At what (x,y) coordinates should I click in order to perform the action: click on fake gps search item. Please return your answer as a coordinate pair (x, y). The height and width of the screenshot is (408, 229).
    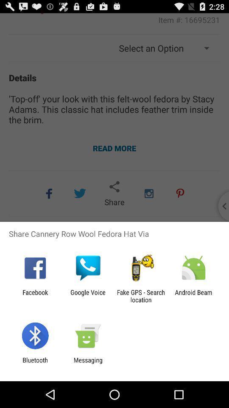
    Looking at the image, I should click on (141, 296).